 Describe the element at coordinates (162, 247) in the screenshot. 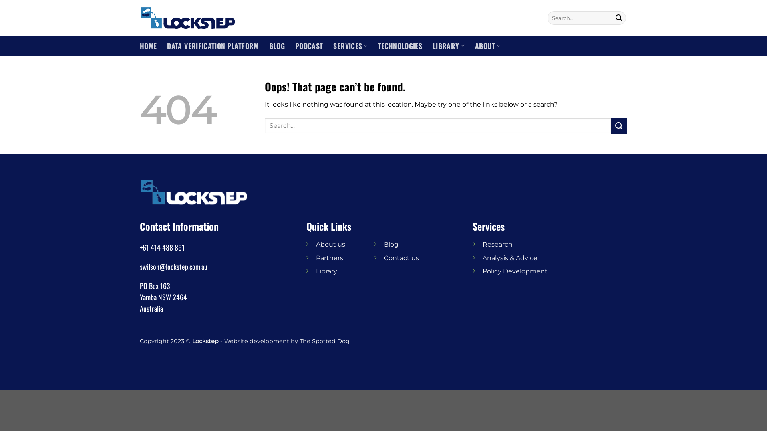

I see `'+61 414 488 851'` at that location.